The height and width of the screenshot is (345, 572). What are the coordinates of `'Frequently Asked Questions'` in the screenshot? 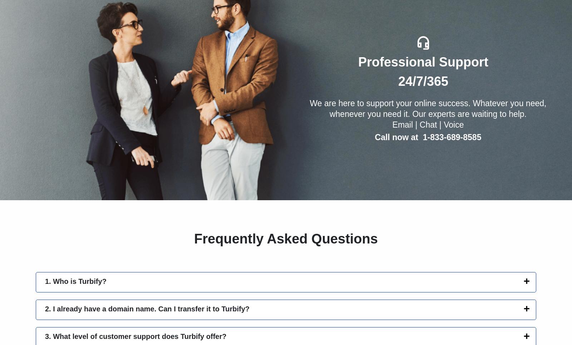 It's located at (286, 238).